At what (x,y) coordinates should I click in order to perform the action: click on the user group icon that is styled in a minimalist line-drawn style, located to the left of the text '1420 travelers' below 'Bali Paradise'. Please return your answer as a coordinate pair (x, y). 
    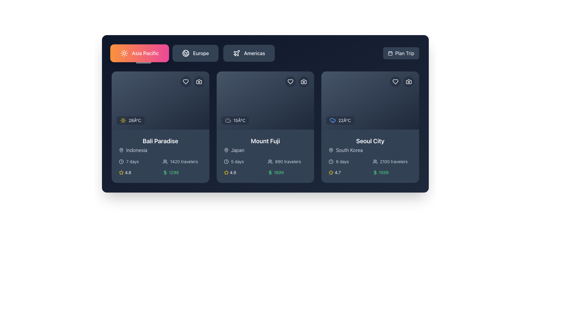
    Looking at the image, I should click on (165, 161).